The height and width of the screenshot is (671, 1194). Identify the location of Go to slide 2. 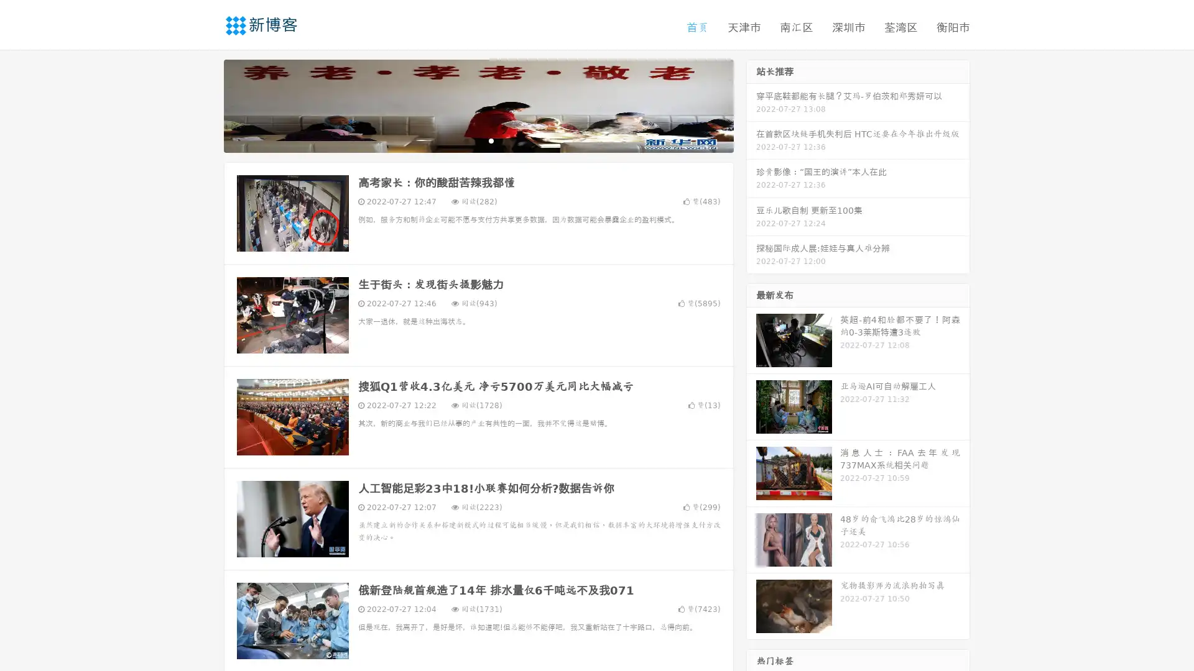
(478, 140).